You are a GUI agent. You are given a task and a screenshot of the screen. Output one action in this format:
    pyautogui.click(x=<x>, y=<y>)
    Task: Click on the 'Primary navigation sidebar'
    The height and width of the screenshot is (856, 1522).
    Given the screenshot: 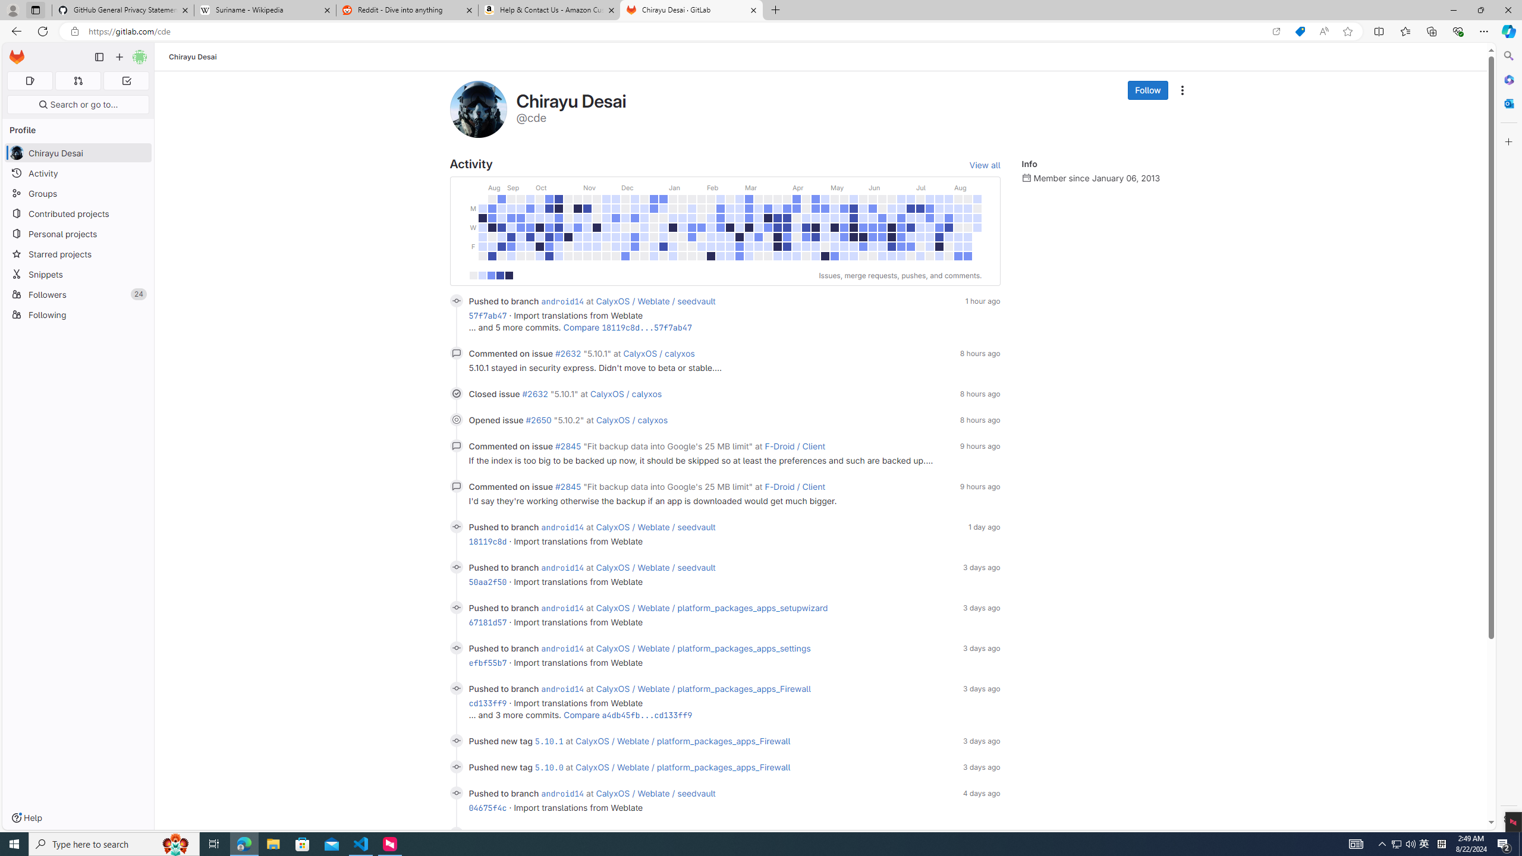 What is the action you would take?
    pyautogui.click(x=99, y=56)
    